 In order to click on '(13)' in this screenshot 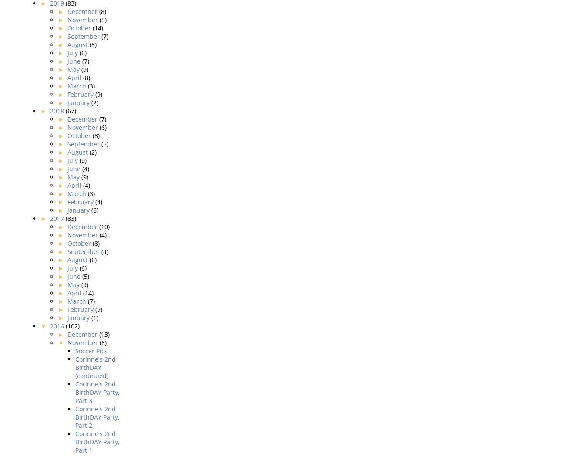, I will do `click(104, 333)`.